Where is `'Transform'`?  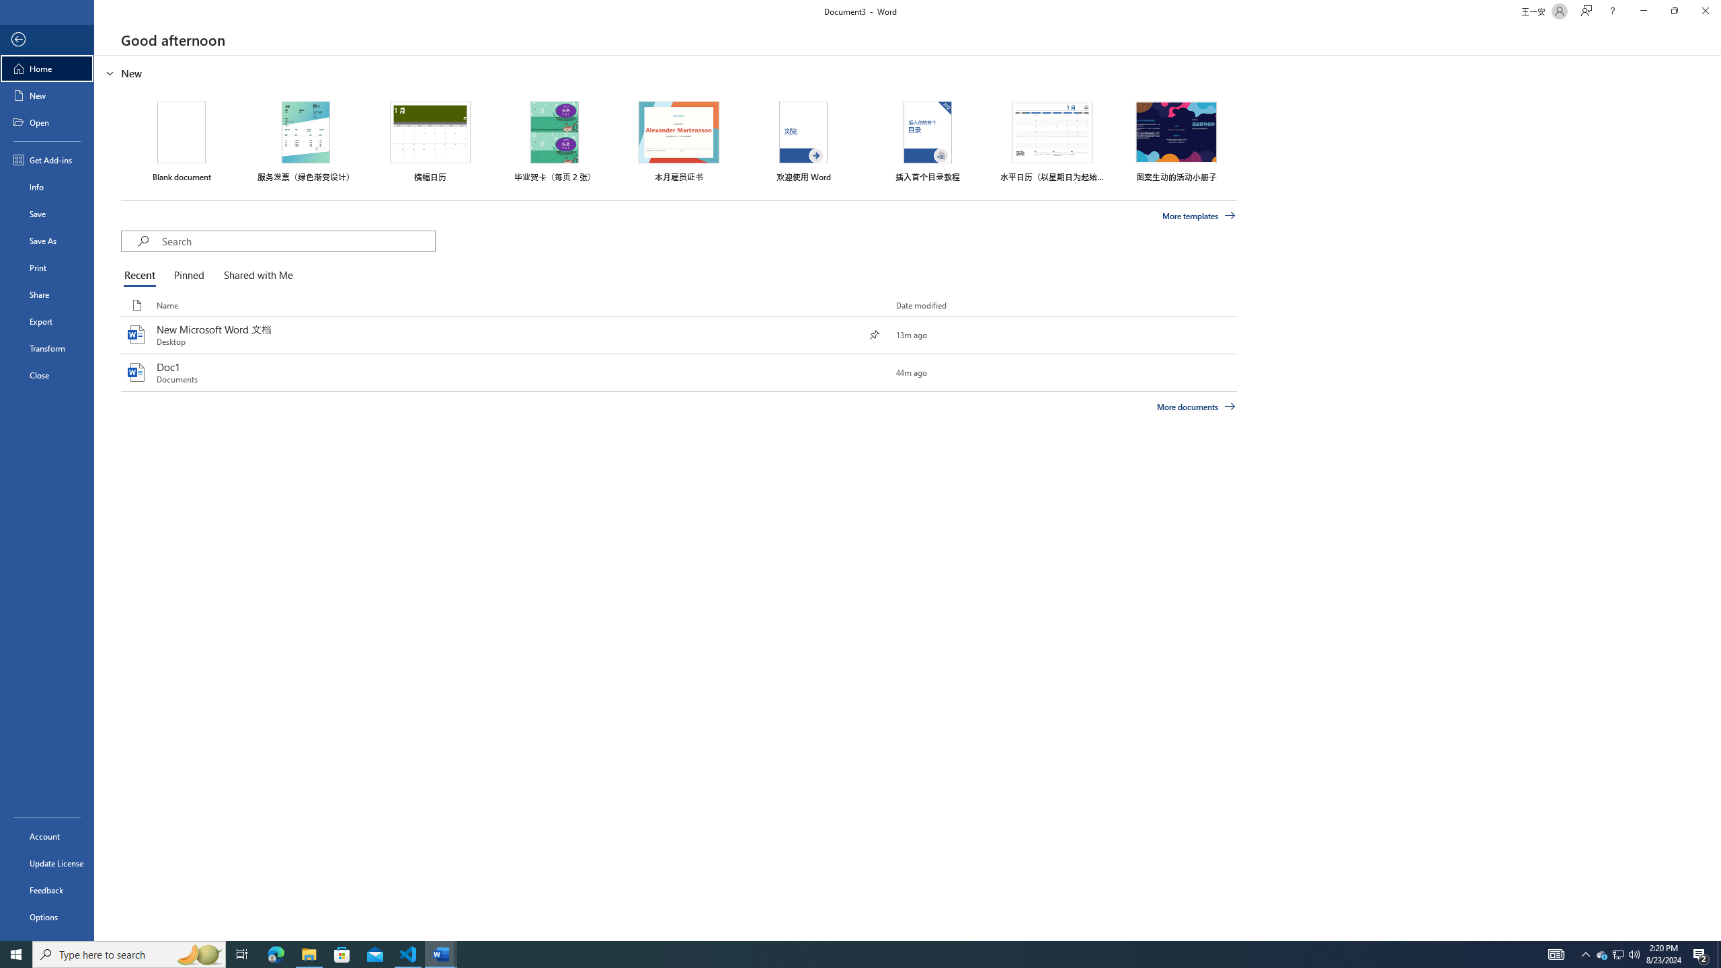
'Transform' is located at coordinates (46, 348).